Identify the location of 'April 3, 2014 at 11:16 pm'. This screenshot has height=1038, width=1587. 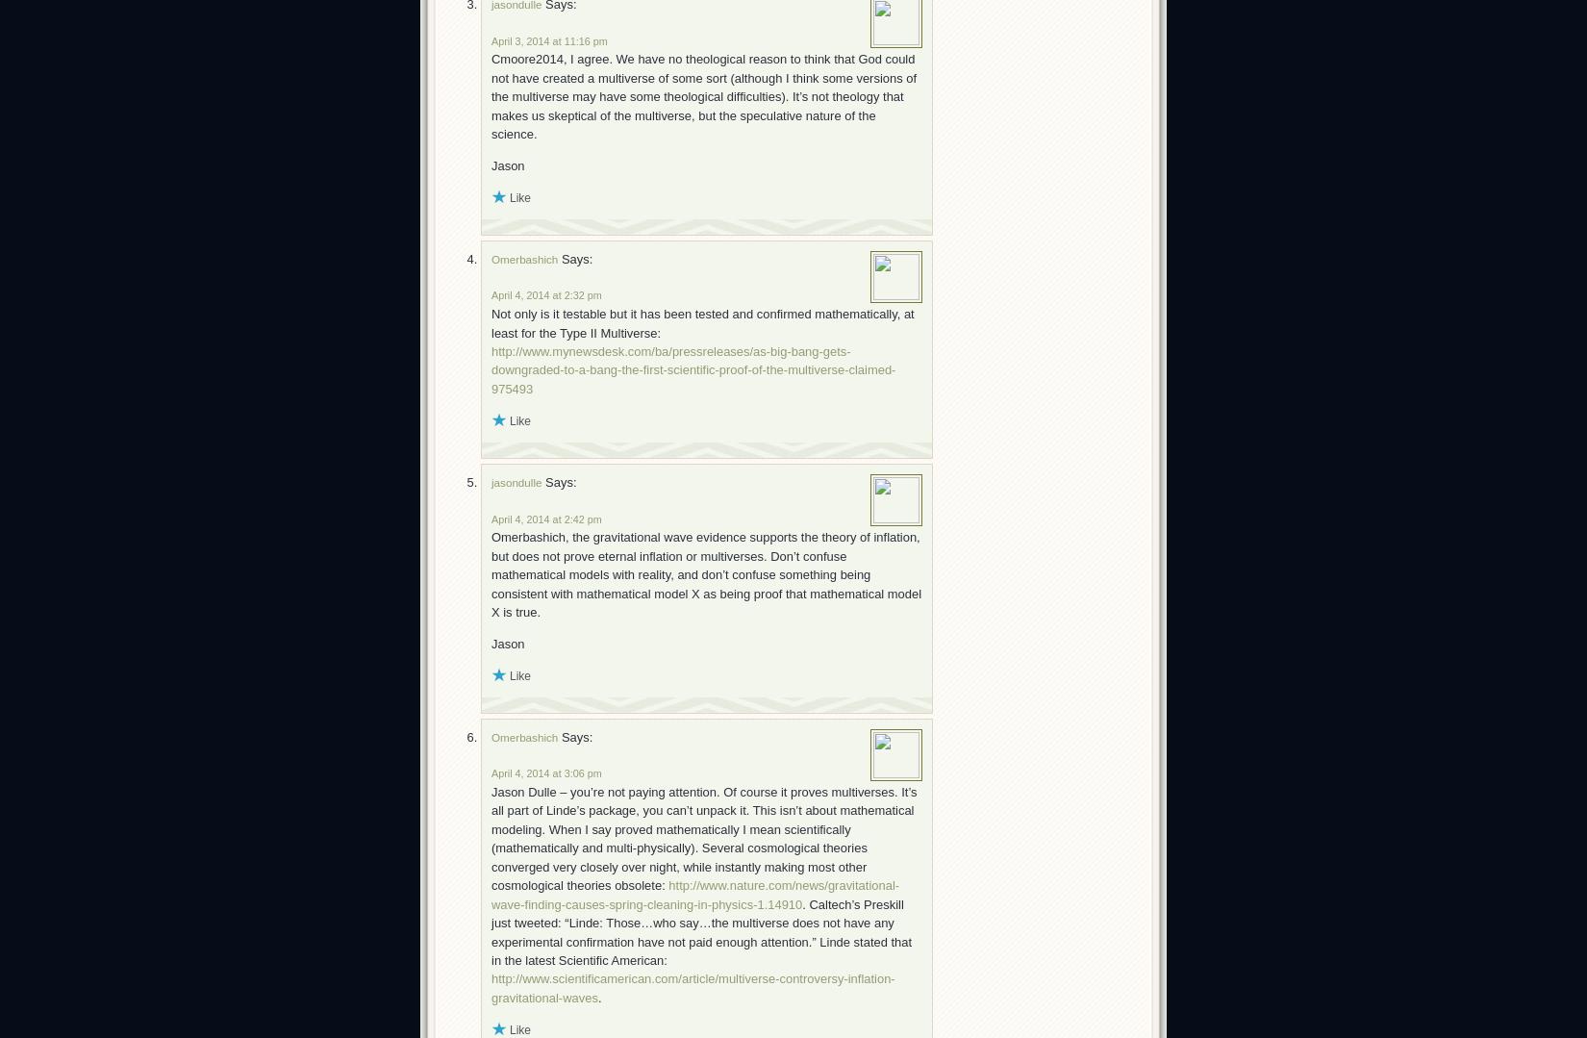
(548, 39).